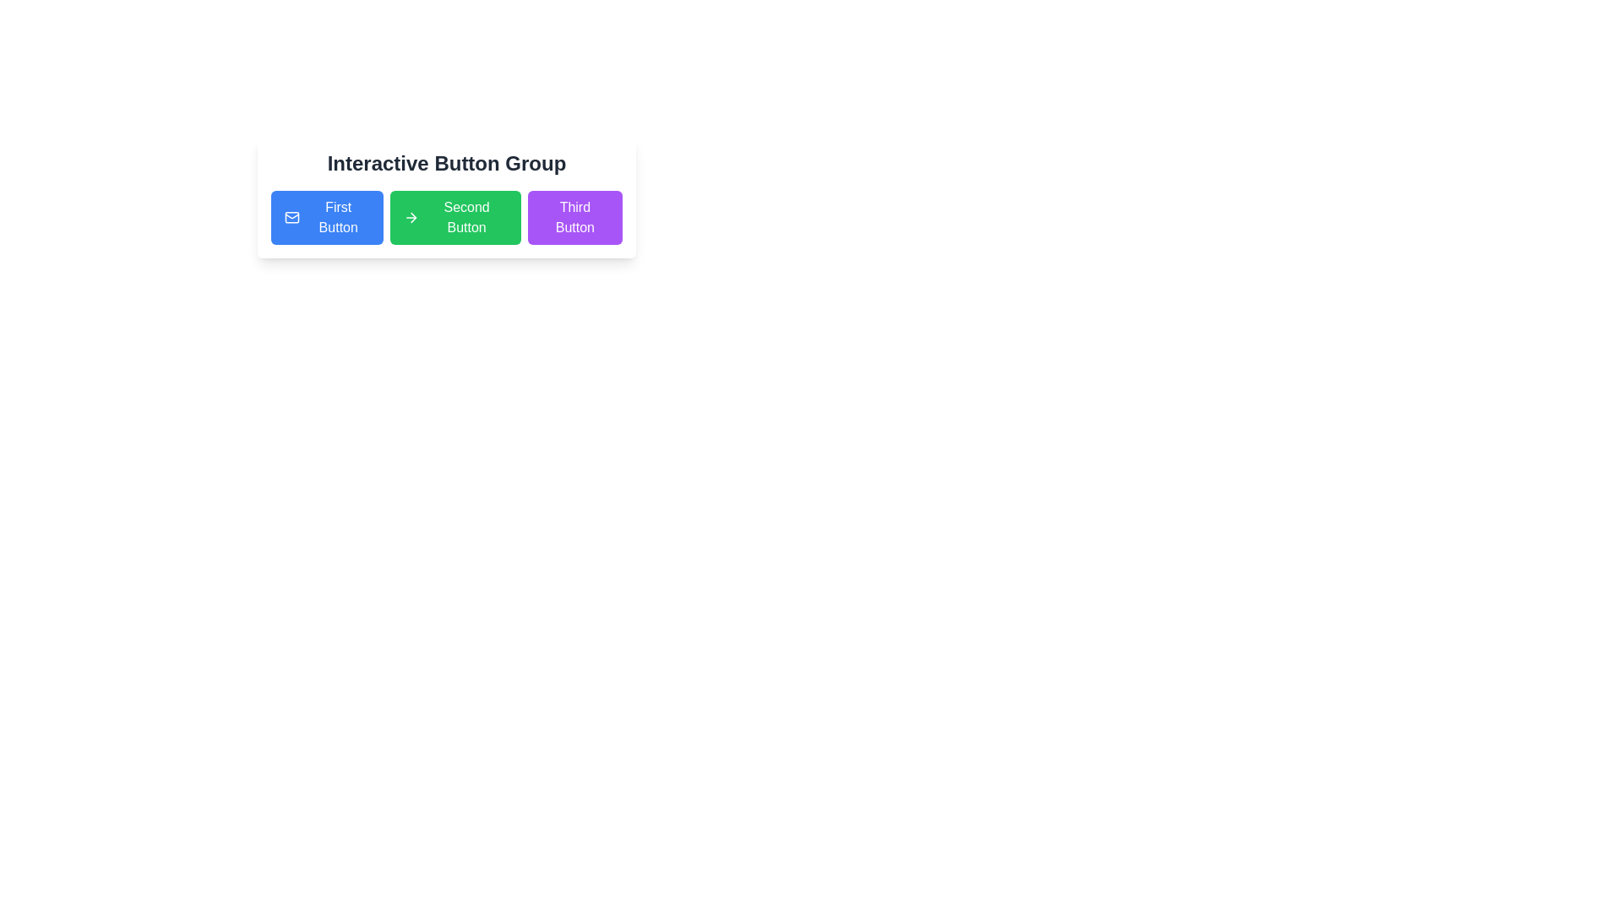 This screenshot has width=1622, height=912. What do you see at coordinates (292, 217) in the screenshot?
I see `the primary body rectangle of the blue envelope icon, which is located inside the 'First Button' in the interface` at bounding box center [292, 217].